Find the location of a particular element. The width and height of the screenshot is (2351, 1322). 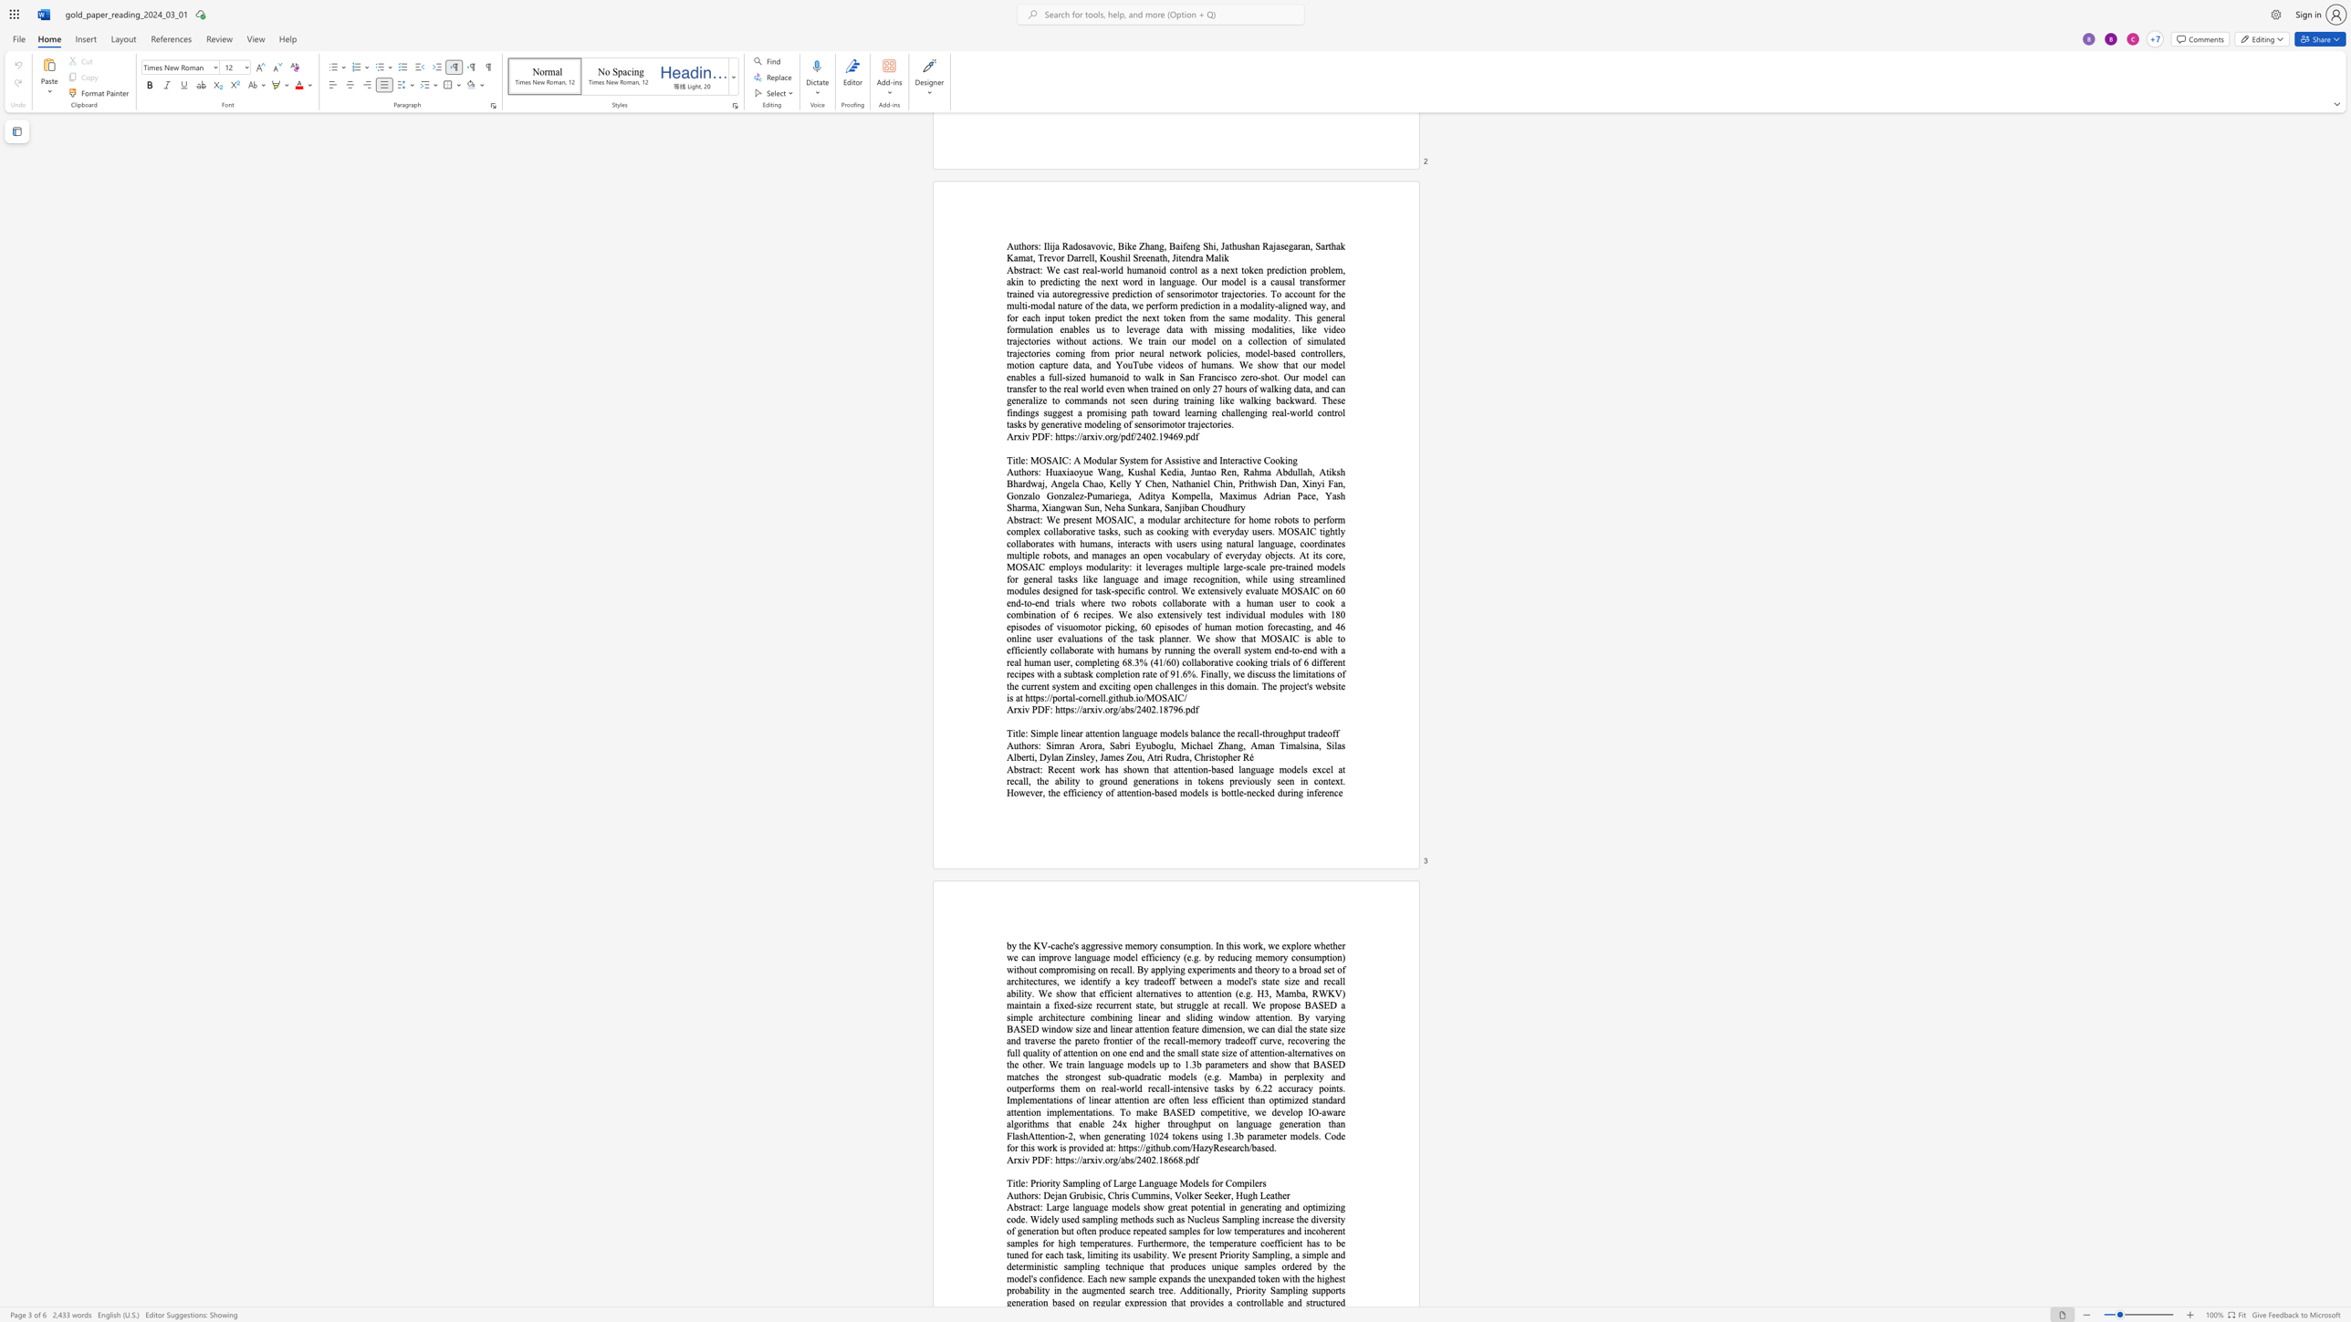

the space between the continuous character "F" and ":" in the text is located at coordinates (1049, 708).